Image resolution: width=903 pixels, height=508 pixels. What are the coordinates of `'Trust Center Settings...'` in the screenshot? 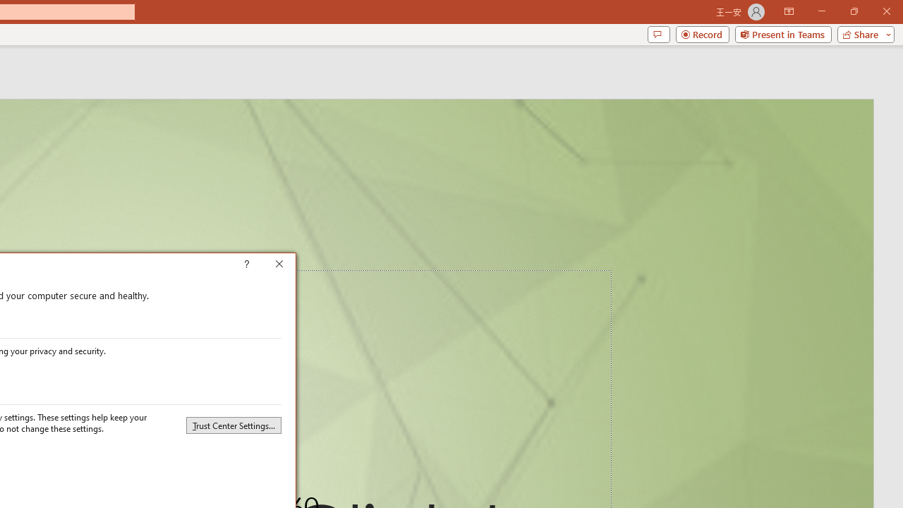 It's located at (234, 425).